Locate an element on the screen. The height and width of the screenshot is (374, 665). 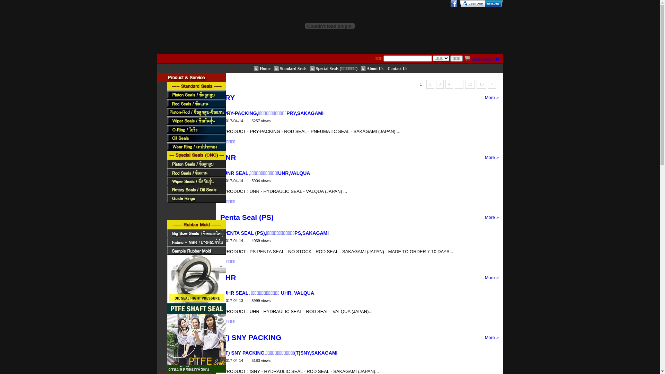
'Fabric+NBR' is located at coordinates (196, 241).